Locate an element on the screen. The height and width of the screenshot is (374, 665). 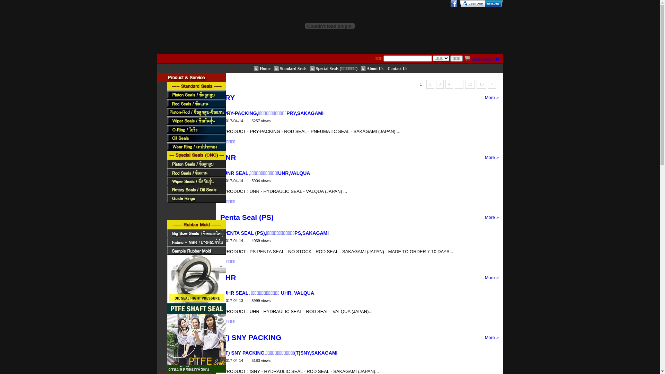
'Fabric+NBR' is located at coordinates (196, 241).